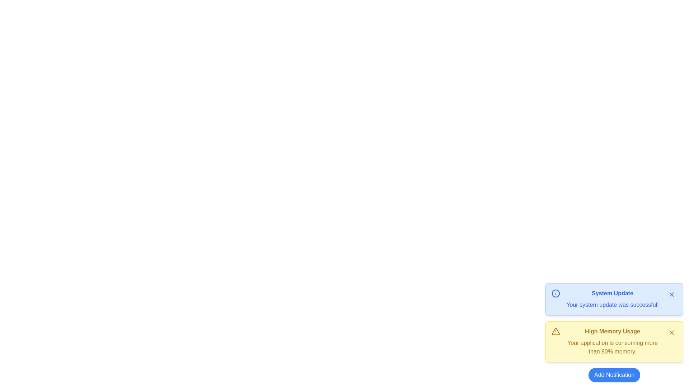 The image size is (689, 388). Describe the element at coordinates (556, 294) in the screenshot. I see `the appearance of the informational icon, which is a small circular icon with a blue outline and a white background, located within the notification panel displaying the message 'System Update Your system update was successful!'` at that location.